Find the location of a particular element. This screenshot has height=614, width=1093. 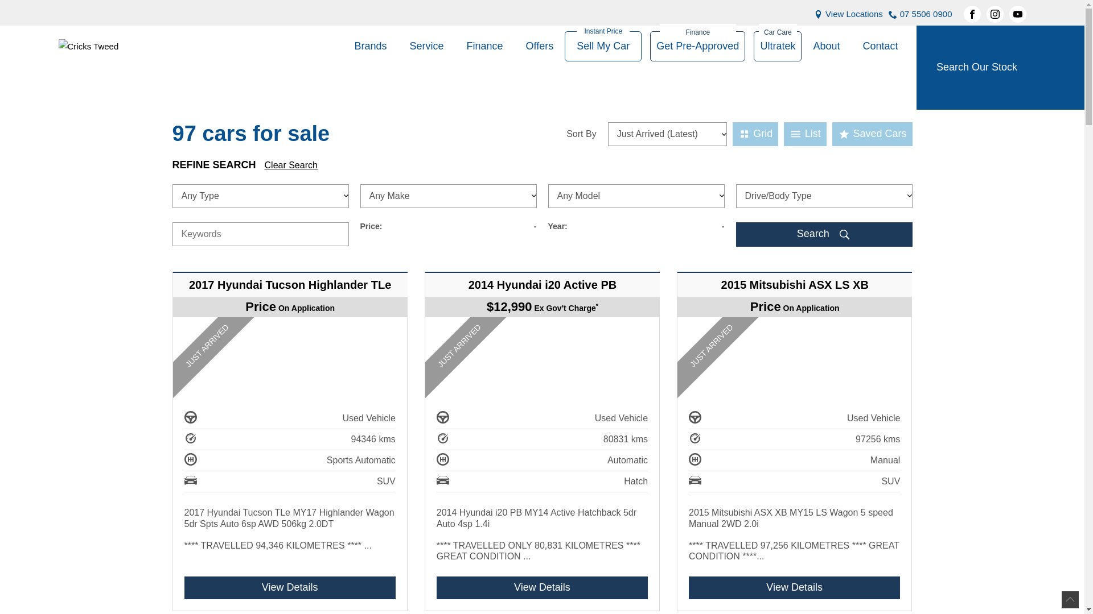

'View Details' is located at coordinates (290, 587).